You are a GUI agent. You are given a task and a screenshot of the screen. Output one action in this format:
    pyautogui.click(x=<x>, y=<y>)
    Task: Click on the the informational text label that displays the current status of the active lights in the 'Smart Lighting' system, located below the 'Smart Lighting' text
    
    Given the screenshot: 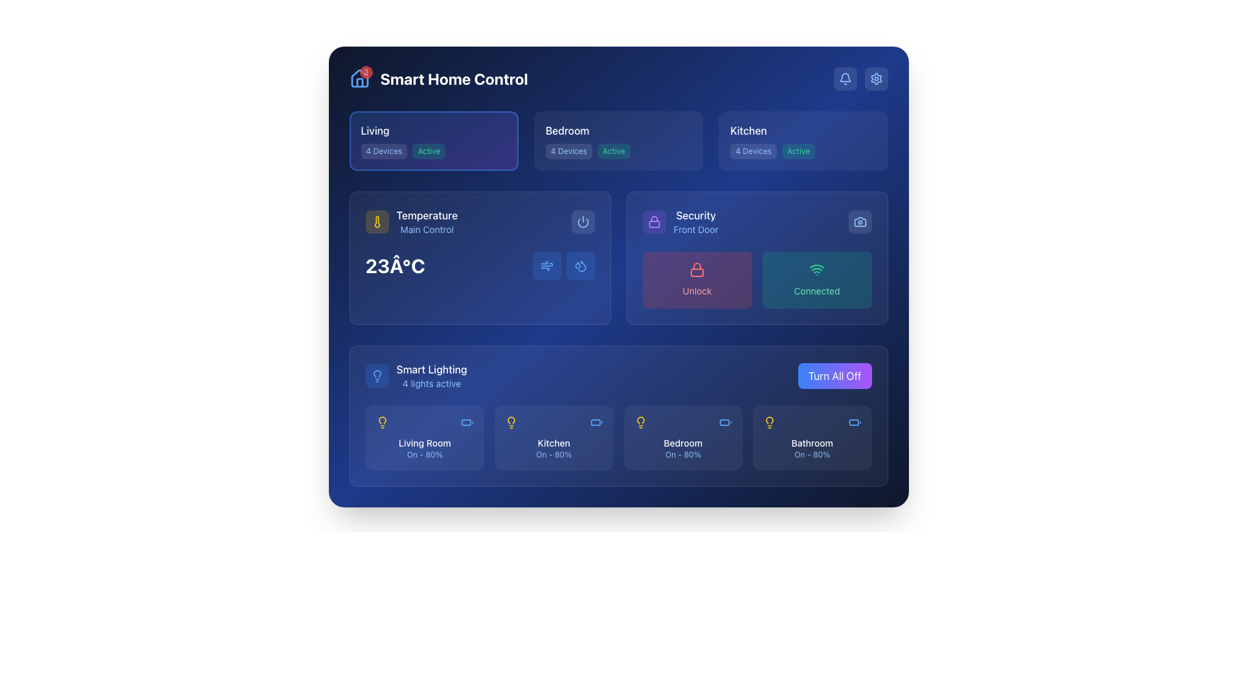 What is the action you would take?
    pyautogui.click(x=432, y=383)
    